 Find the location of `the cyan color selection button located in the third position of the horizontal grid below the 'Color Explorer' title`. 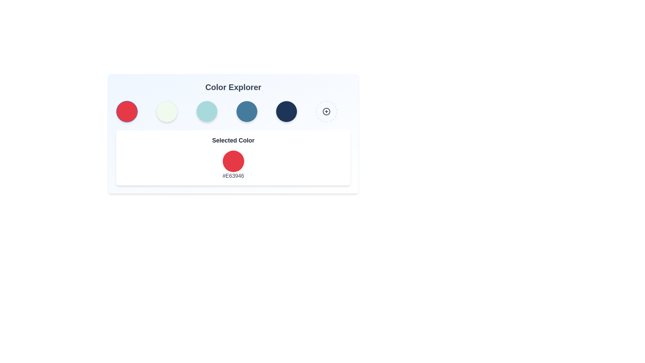

the cyan color selection button located in the third position of the horizontal grid below the 'Color Explorer' title is located at coordinates (206, 111).